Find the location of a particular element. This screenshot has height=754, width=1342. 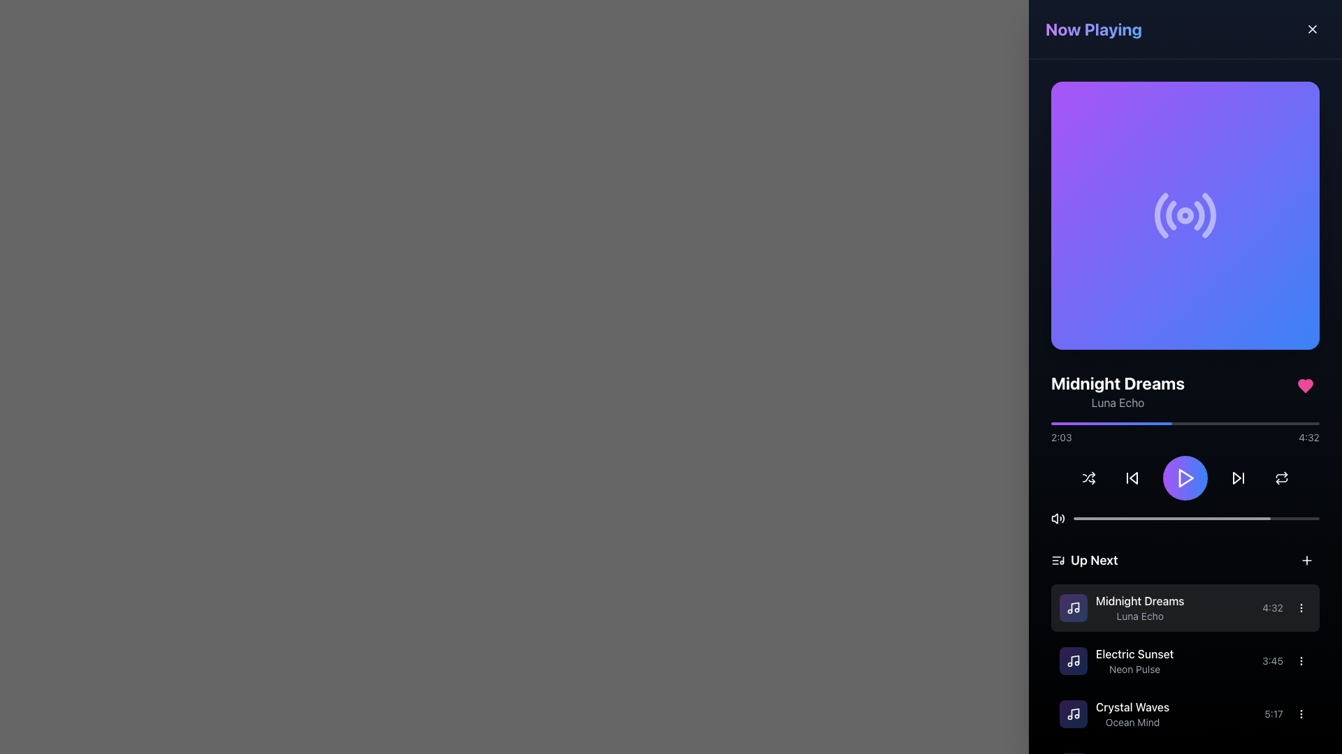

the progress bar is located at coordinates (1069, 422).